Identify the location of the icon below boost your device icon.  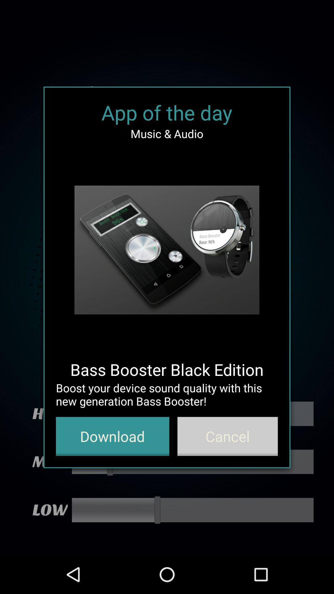
(228, 436).